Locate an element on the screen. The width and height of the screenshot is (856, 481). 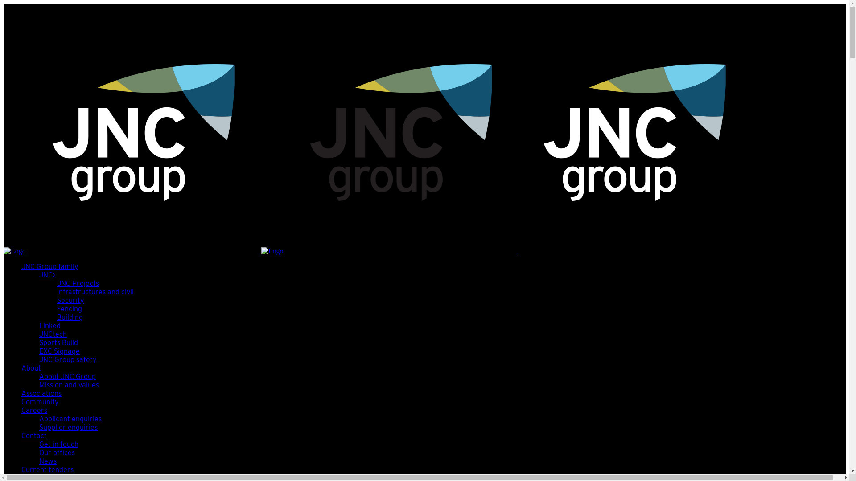
'Get in touch' is located at coordinates (58, 444).